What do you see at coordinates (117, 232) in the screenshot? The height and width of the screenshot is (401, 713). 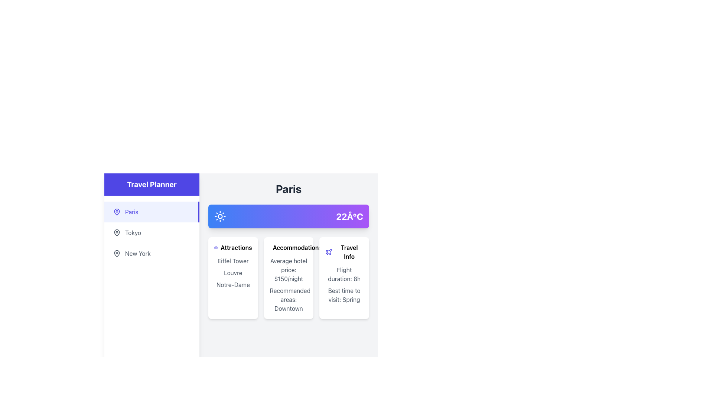 I see `the map pin icon associated with the 'Tokyo' menu item in the left sidebar by moving the cursor to its center` at bounding box center [117, 232].